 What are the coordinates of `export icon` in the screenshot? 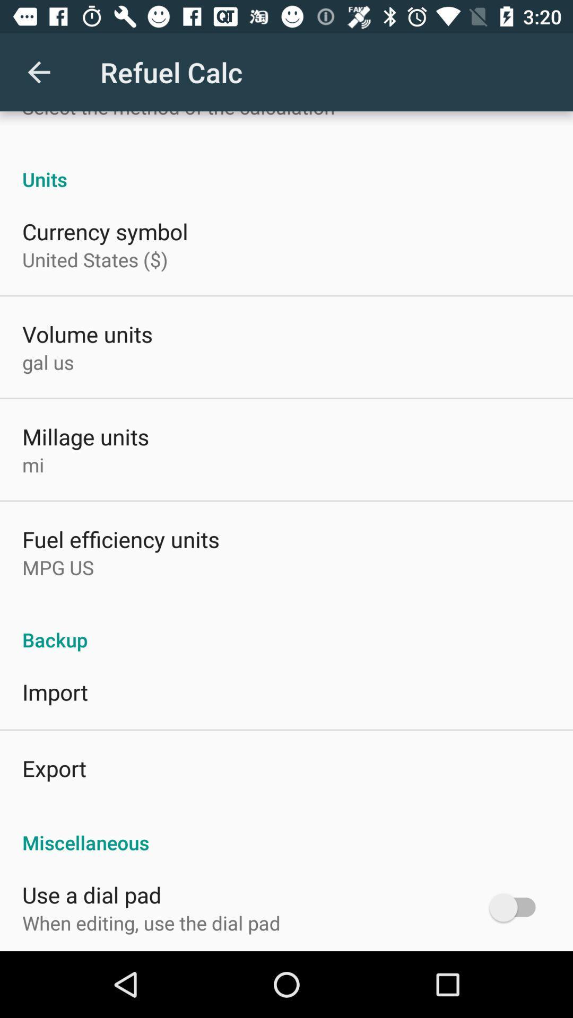 It's located at (54, 768).